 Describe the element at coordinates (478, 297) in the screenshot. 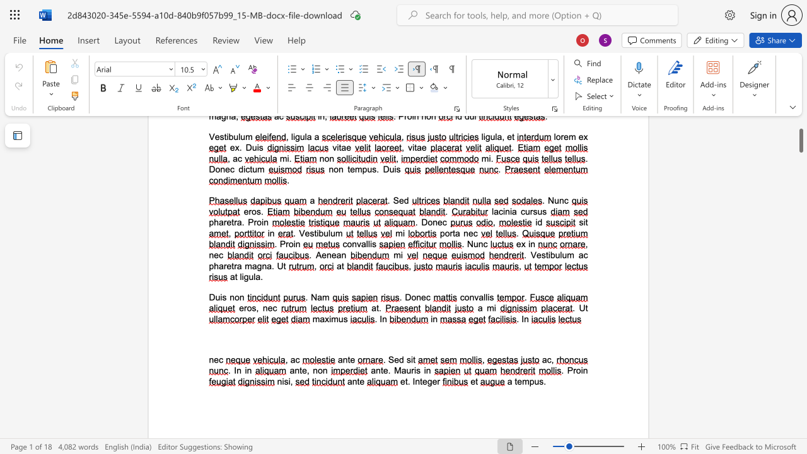

I see `the space between the continuous character "v" and "a" in the text` at that location.